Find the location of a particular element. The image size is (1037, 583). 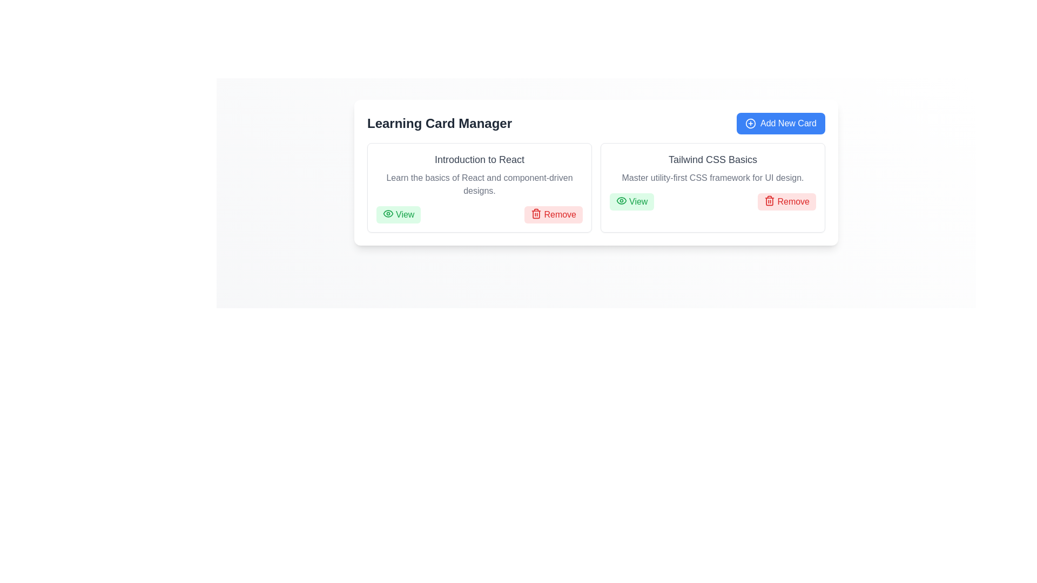

the action buttons in the lower section of the 'Tailwind CSS Basics' card, which includes 'View' and 'Remove' is located at coordinates (713, 202).